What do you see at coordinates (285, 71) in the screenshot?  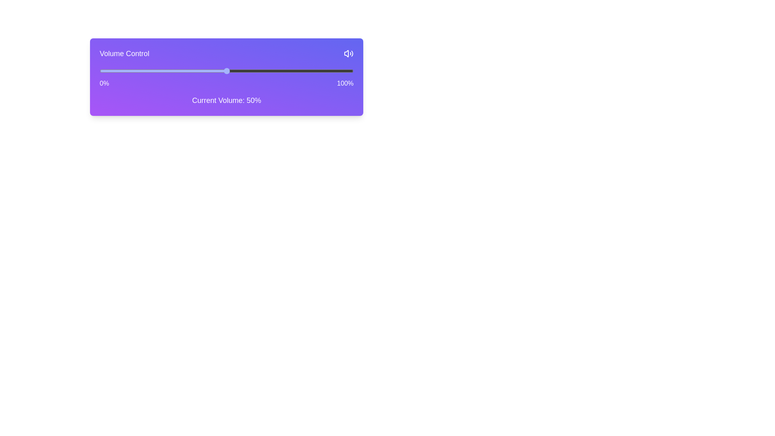 I see `volume level` at bounding box center [285, 71].